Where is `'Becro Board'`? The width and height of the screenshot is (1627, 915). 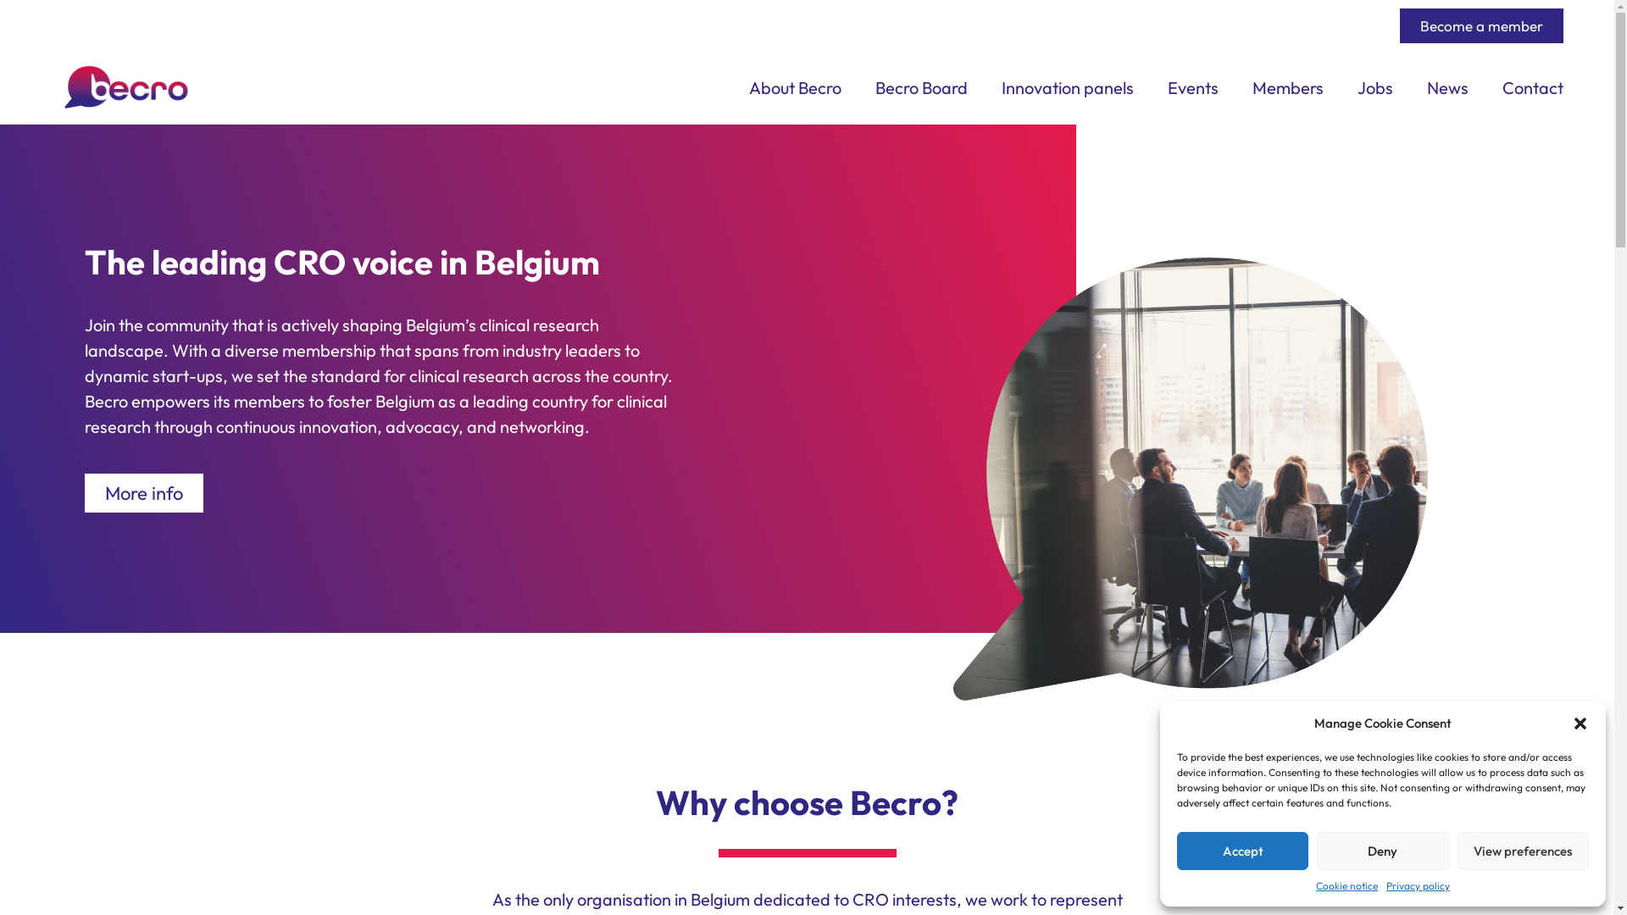 'Becro Board' is located at coordinates (920, 88).